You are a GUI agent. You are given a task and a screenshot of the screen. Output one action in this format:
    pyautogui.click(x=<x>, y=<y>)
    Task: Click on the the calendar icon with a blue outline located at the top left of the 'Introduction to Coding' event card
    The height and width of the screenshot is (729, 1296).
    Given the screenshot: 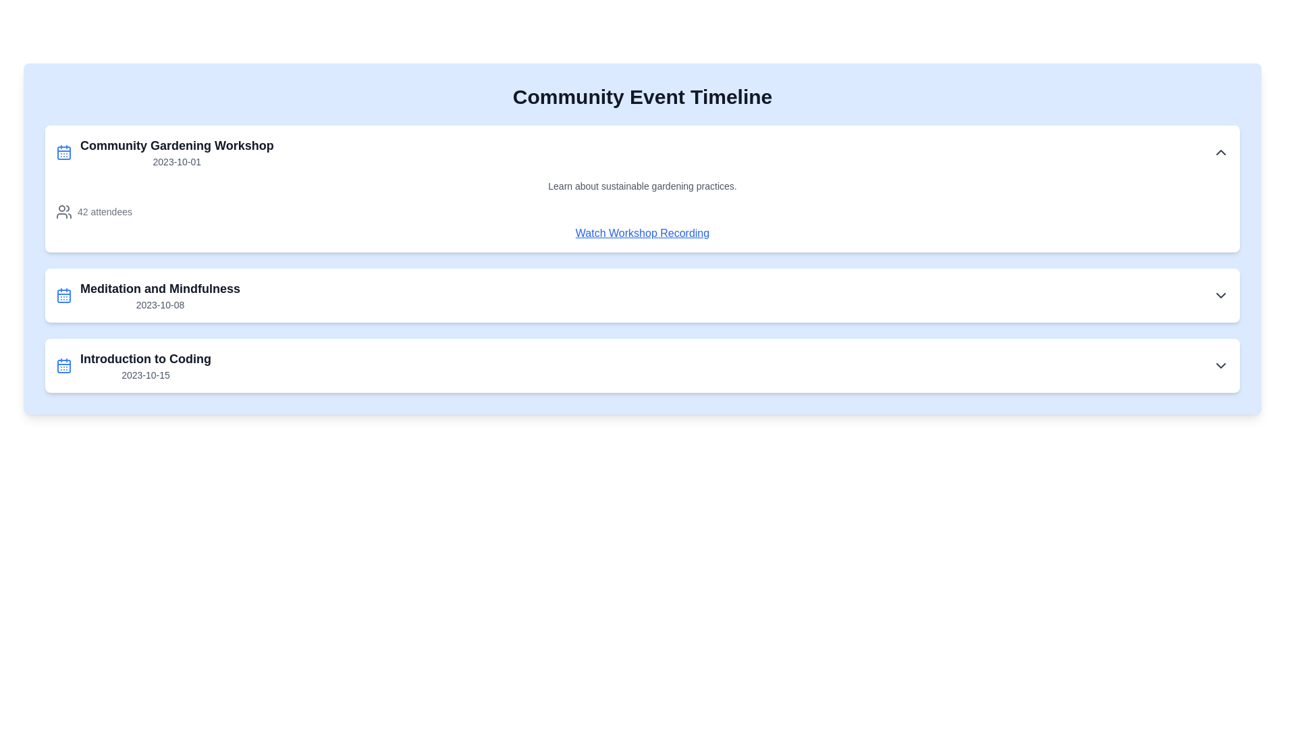 What is the action you would take?
    pyautogui.click(x=63, y=366)
    